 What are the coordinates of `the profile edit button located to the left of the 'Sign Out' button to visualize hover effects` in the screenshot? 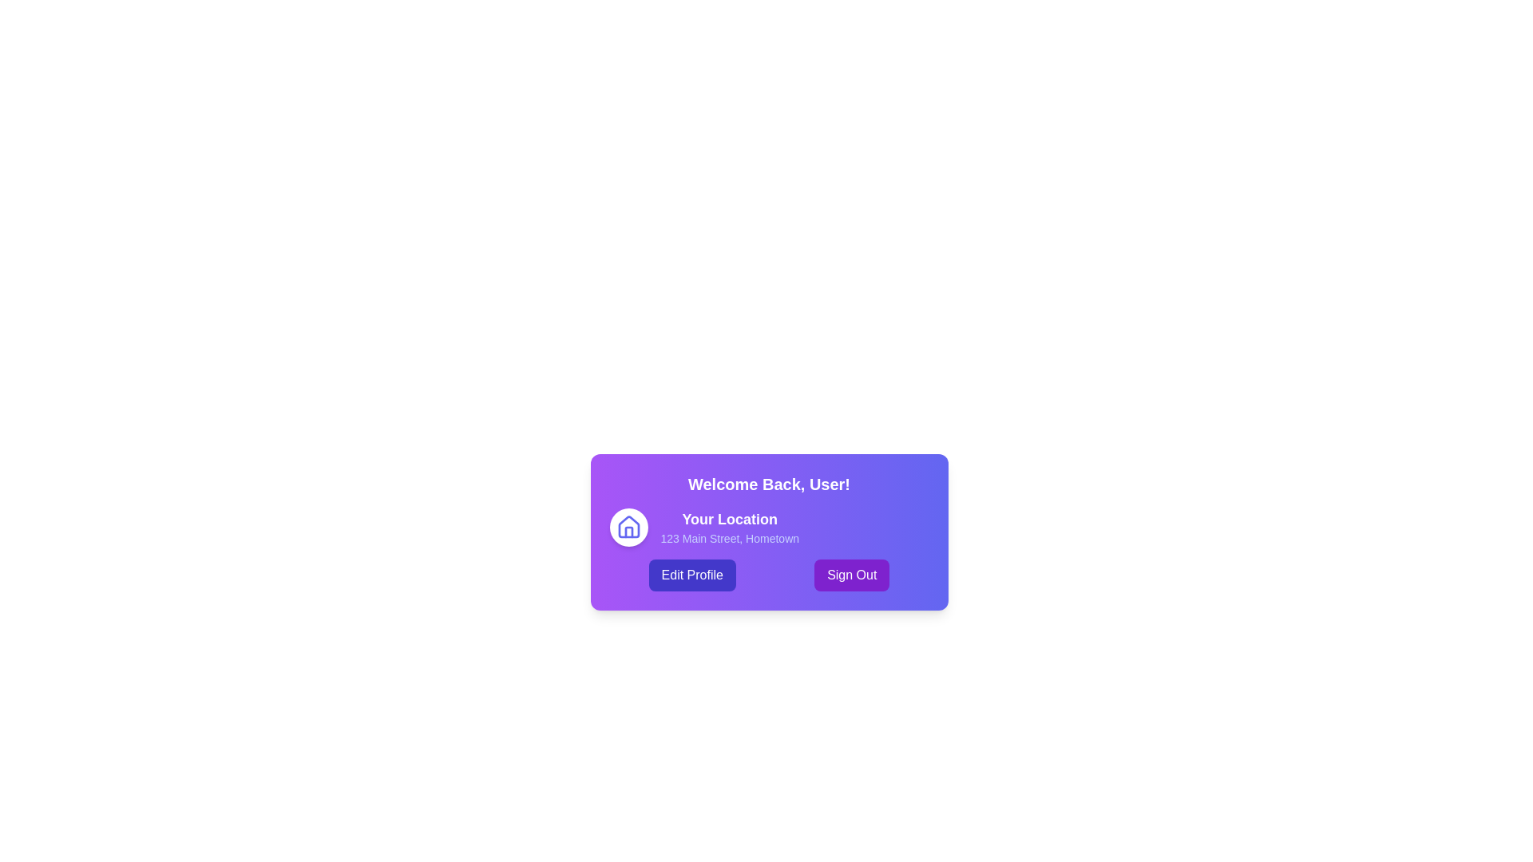 It's located at (692, 575).